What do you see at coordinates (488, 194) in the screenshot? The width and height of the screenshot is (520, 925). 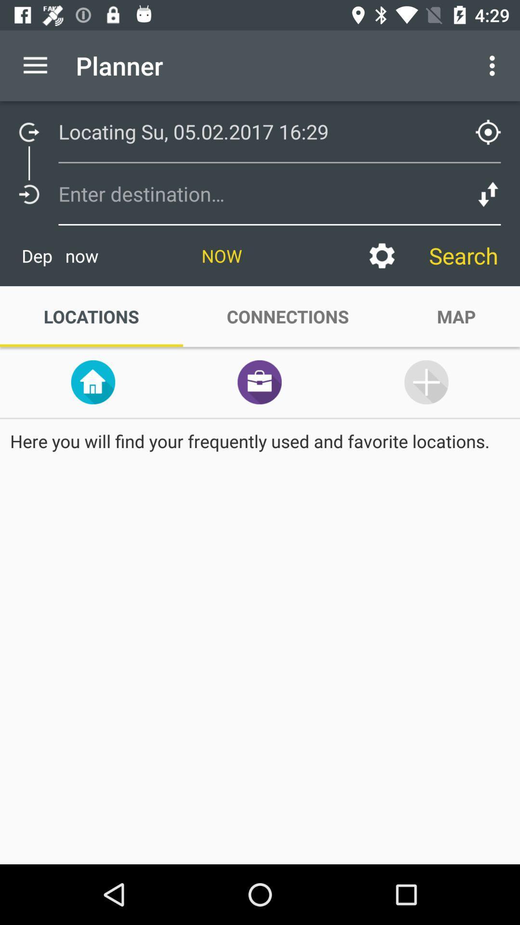 I see `the compare icon` at bounding box center [488, 194].